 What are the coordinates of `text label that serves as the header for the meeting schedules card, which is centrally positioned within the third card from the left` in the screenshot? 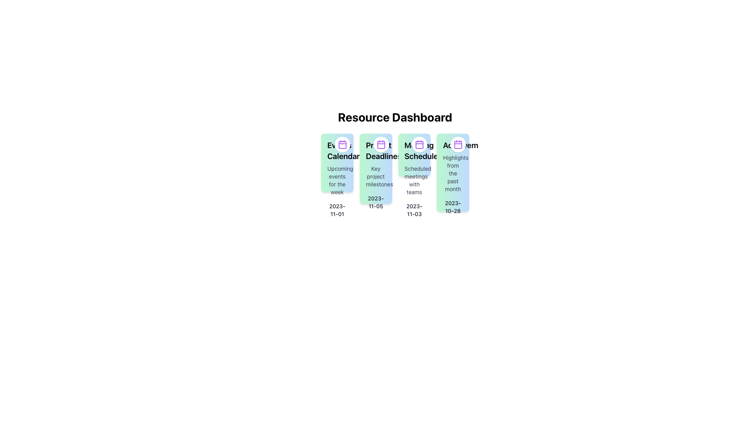 It's located at (414, 150).